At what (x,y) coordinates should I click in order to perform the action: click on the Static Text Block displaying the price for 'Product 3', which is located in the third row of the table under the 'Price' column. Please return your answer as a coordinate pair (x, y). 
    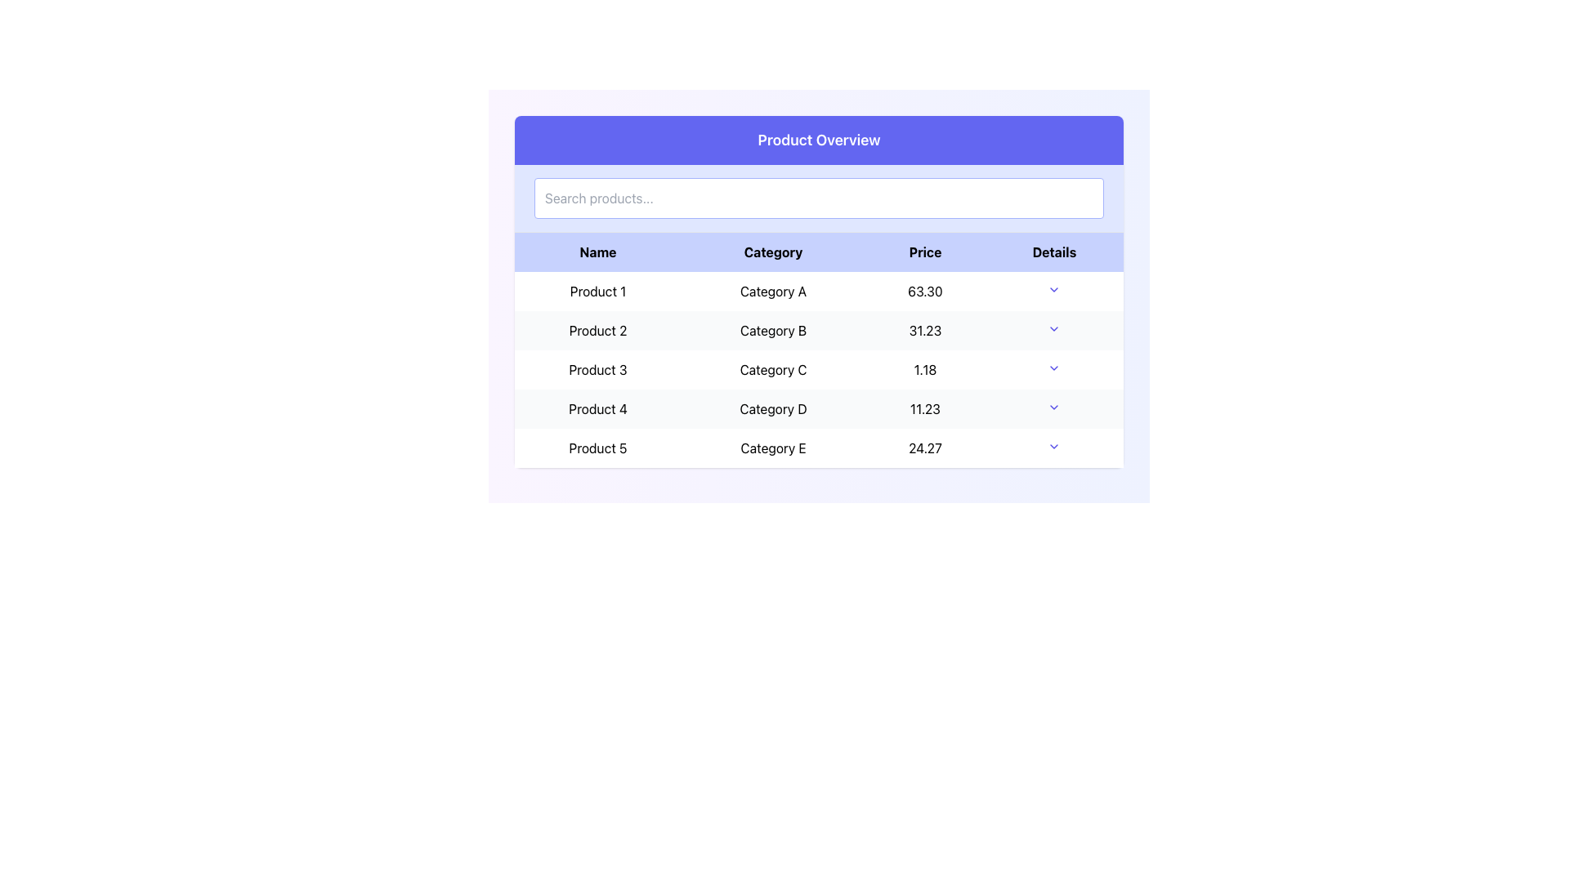
    Looking at the image, I should click on (925, 369).